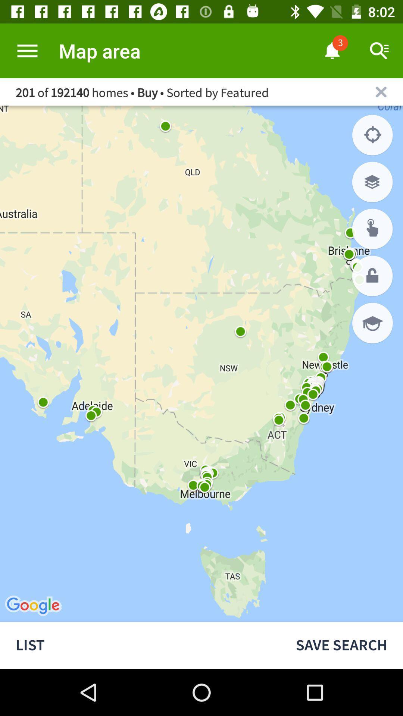 The width and height of the screenshot is (403, 716). I want to click on the app to the left of map area, so click(27, 50).